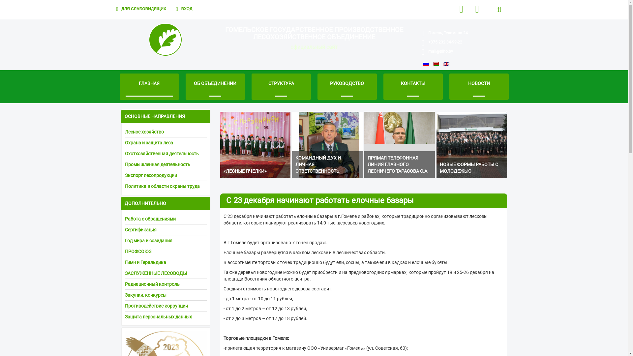  Describe the element at coordinates (445, 42) in the screenshot. I see `'+375 232 34-99-22'` at that location.